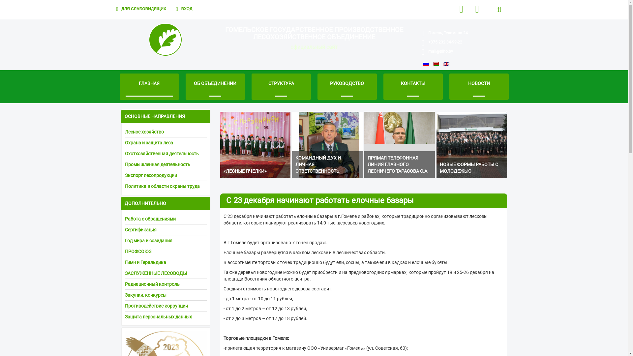  Describe the element at coordinates (445, 42) in the screenshot. I see `'+375 232 34-99-22'` at that location.